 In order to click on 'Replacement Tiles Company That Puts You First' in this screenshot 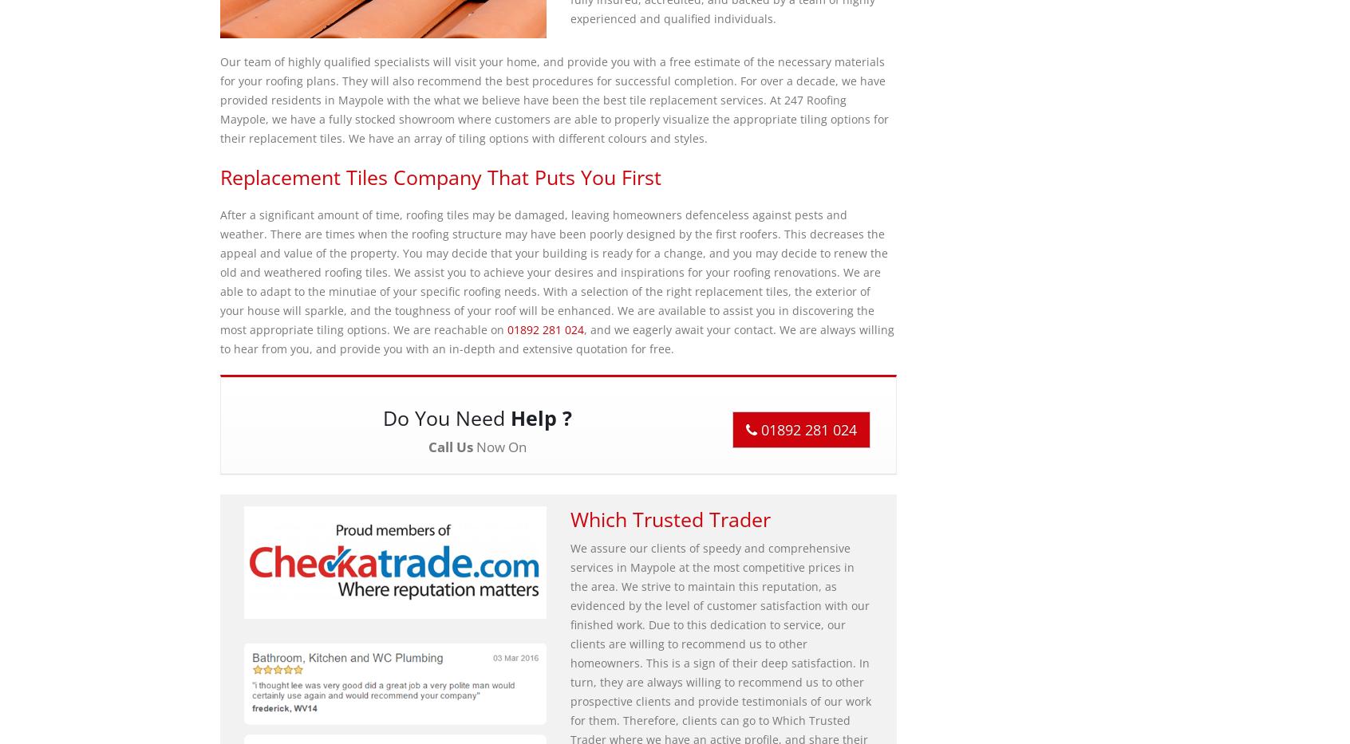, I will do `click(440, 175)`.